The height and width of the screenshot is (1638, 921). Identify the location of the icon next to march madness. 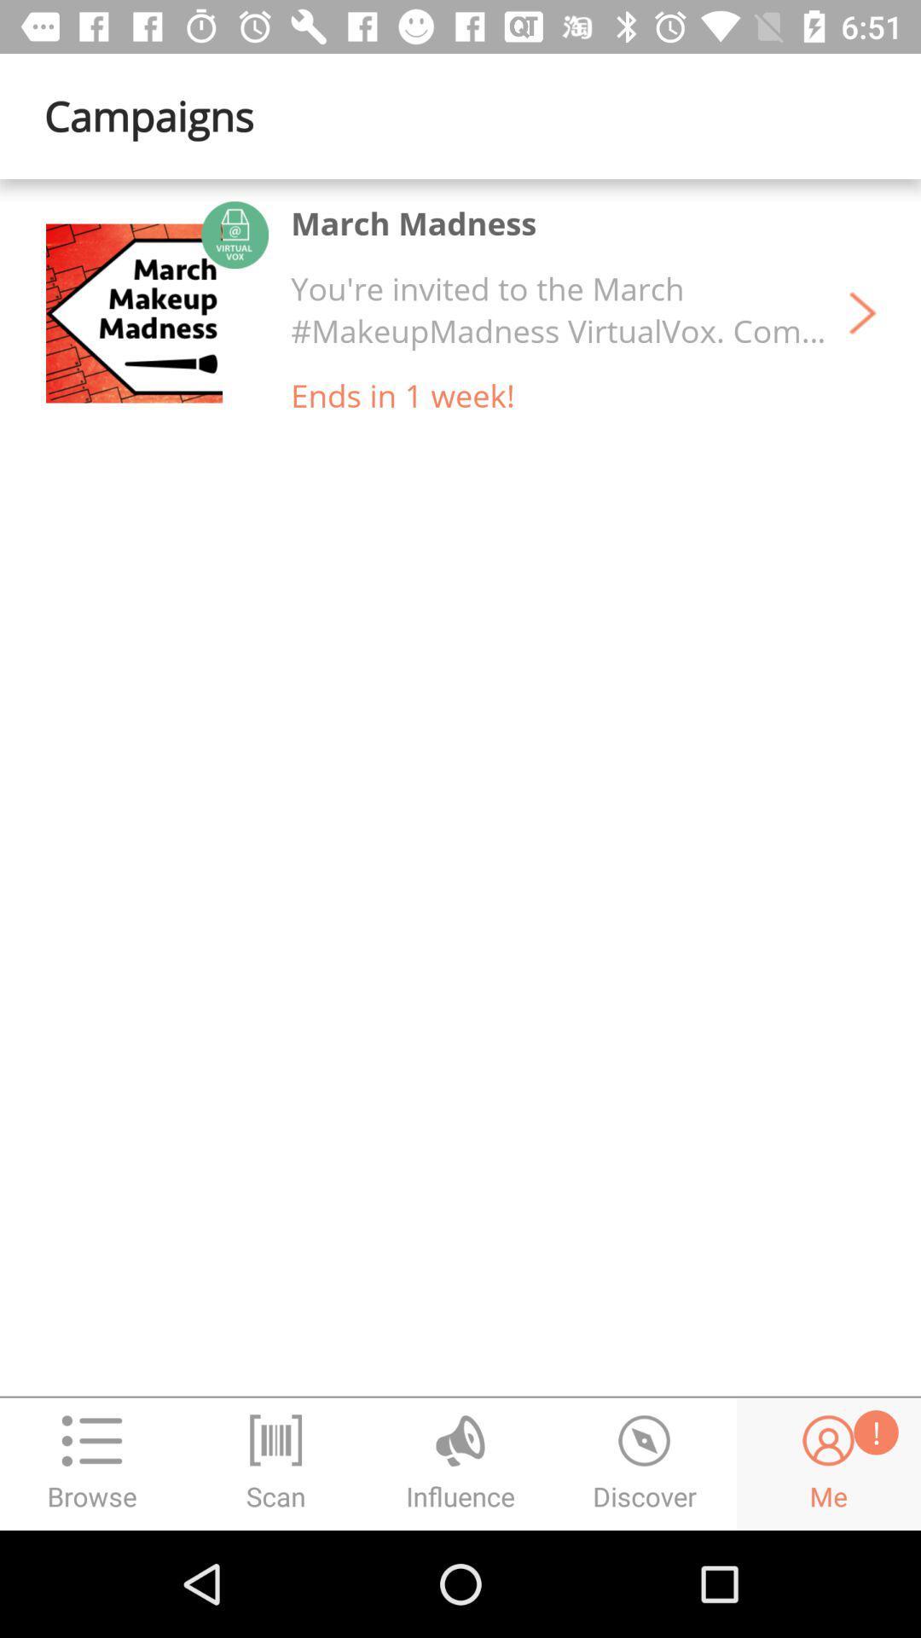
(156, 313).